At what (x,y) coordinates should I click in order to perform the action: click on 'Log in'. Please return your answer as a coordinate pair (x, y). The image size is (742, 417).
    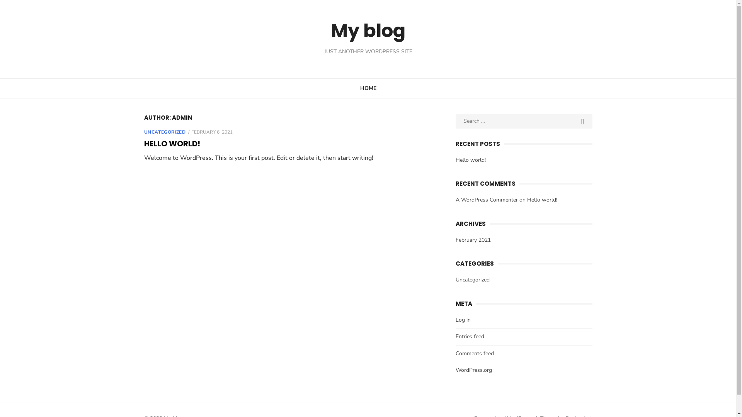
    Looking at the image, I should click on (463, 319).